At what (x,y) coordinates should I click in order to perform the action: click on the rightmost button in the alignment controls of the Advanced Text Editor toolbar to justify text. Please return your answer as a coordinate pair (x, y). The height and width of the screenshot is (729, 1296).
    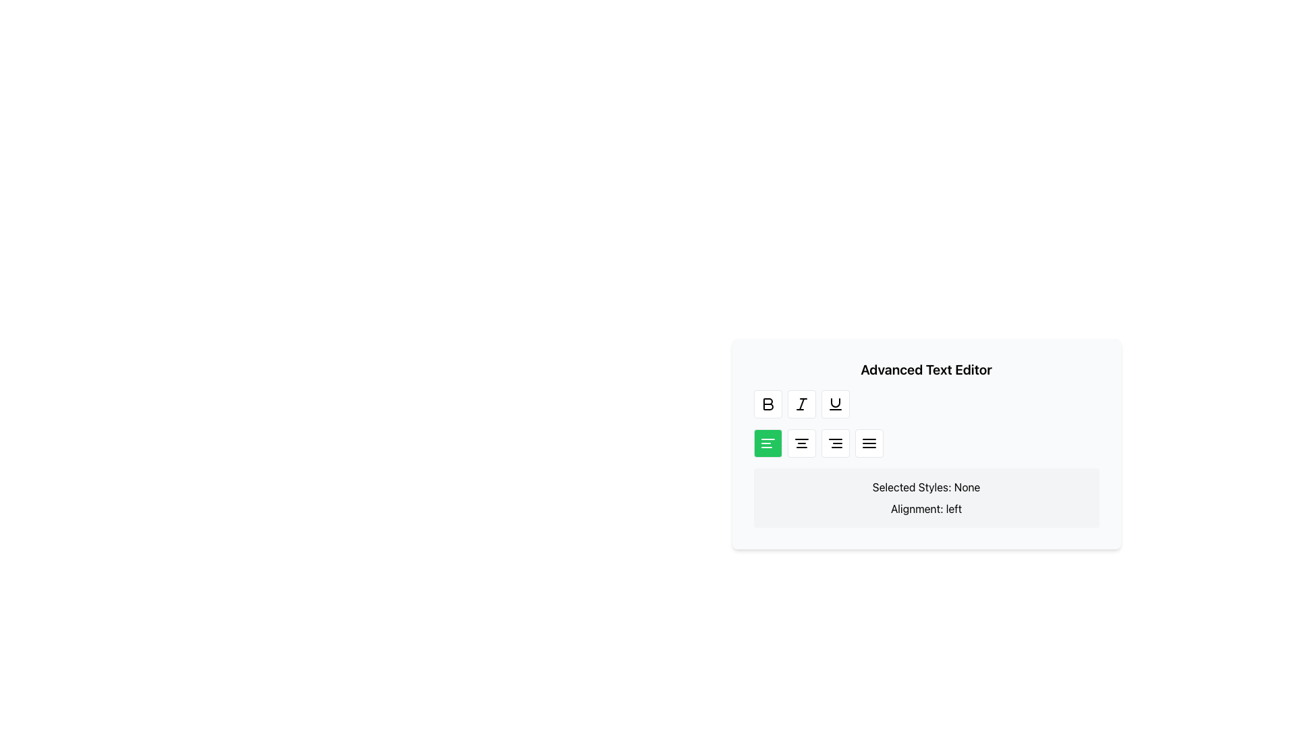
    Looking at the image, I should click on (869, 443).